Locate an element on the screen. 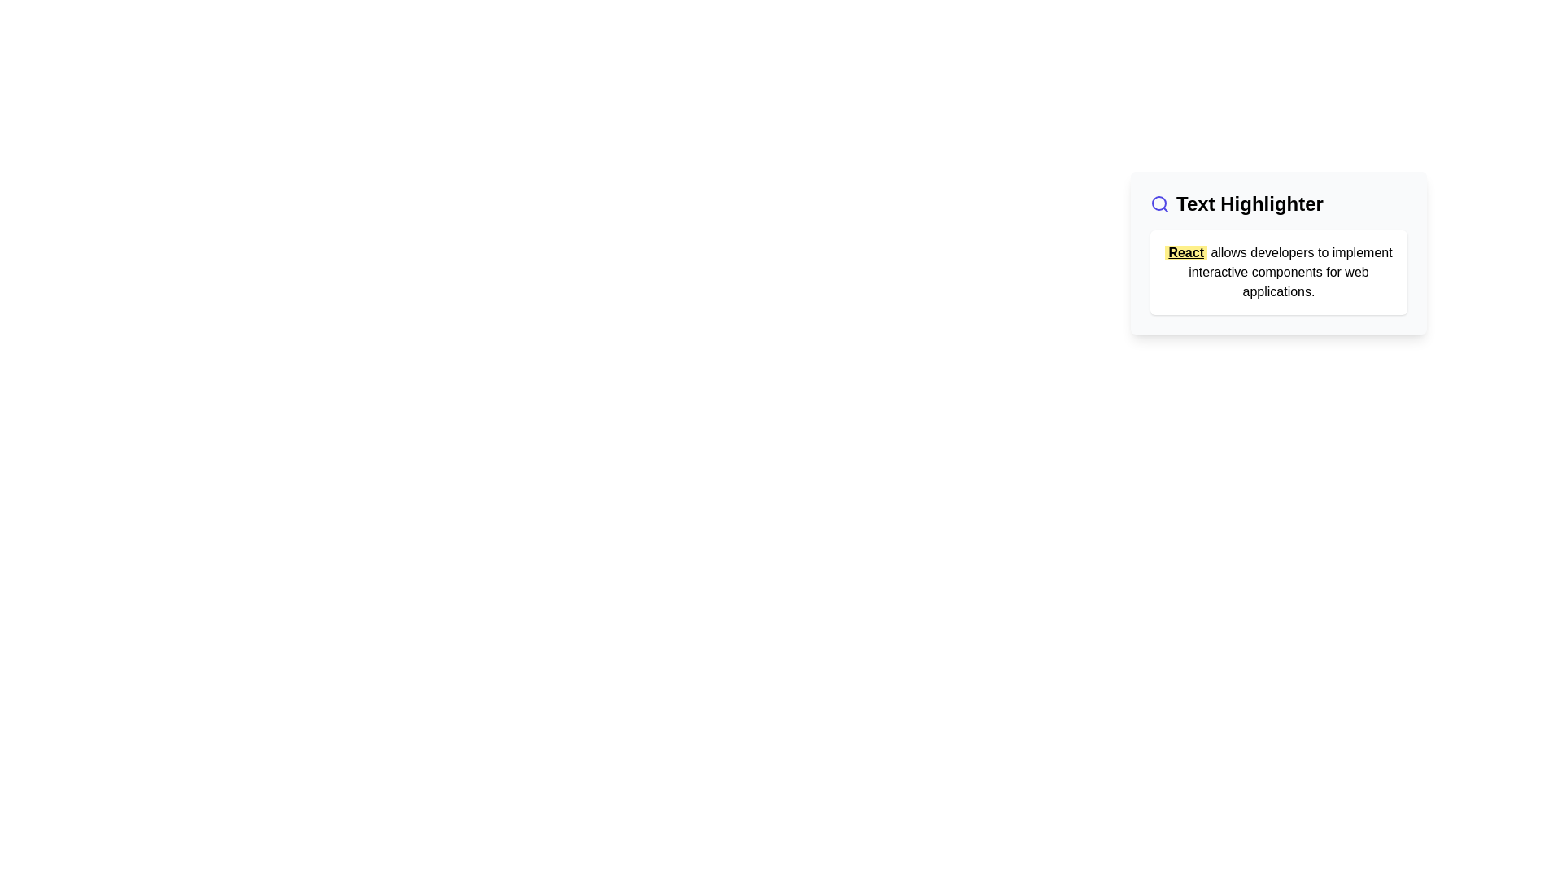 Image resolution: width=1562 pixels, height=879 pixels. the search icon, represented as a magnifying glass with an indigo outline, located at the leftmost part of the 'Text Highlighter' group is located at coordinates (1158, 203).